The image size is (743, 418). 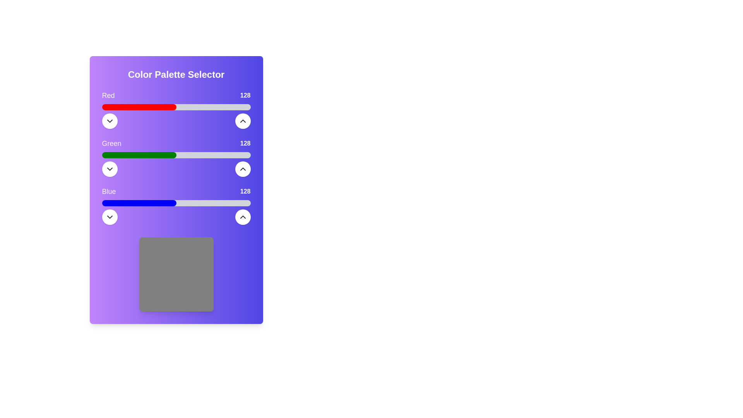 I want to click on the red intensity, so click(x=244, y=107).